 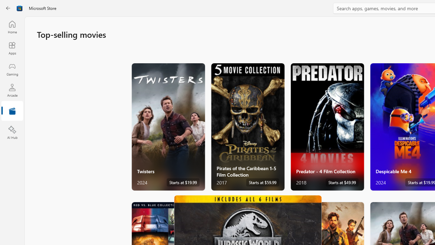 I want to click on 'Back', so click(x=8, y=8).